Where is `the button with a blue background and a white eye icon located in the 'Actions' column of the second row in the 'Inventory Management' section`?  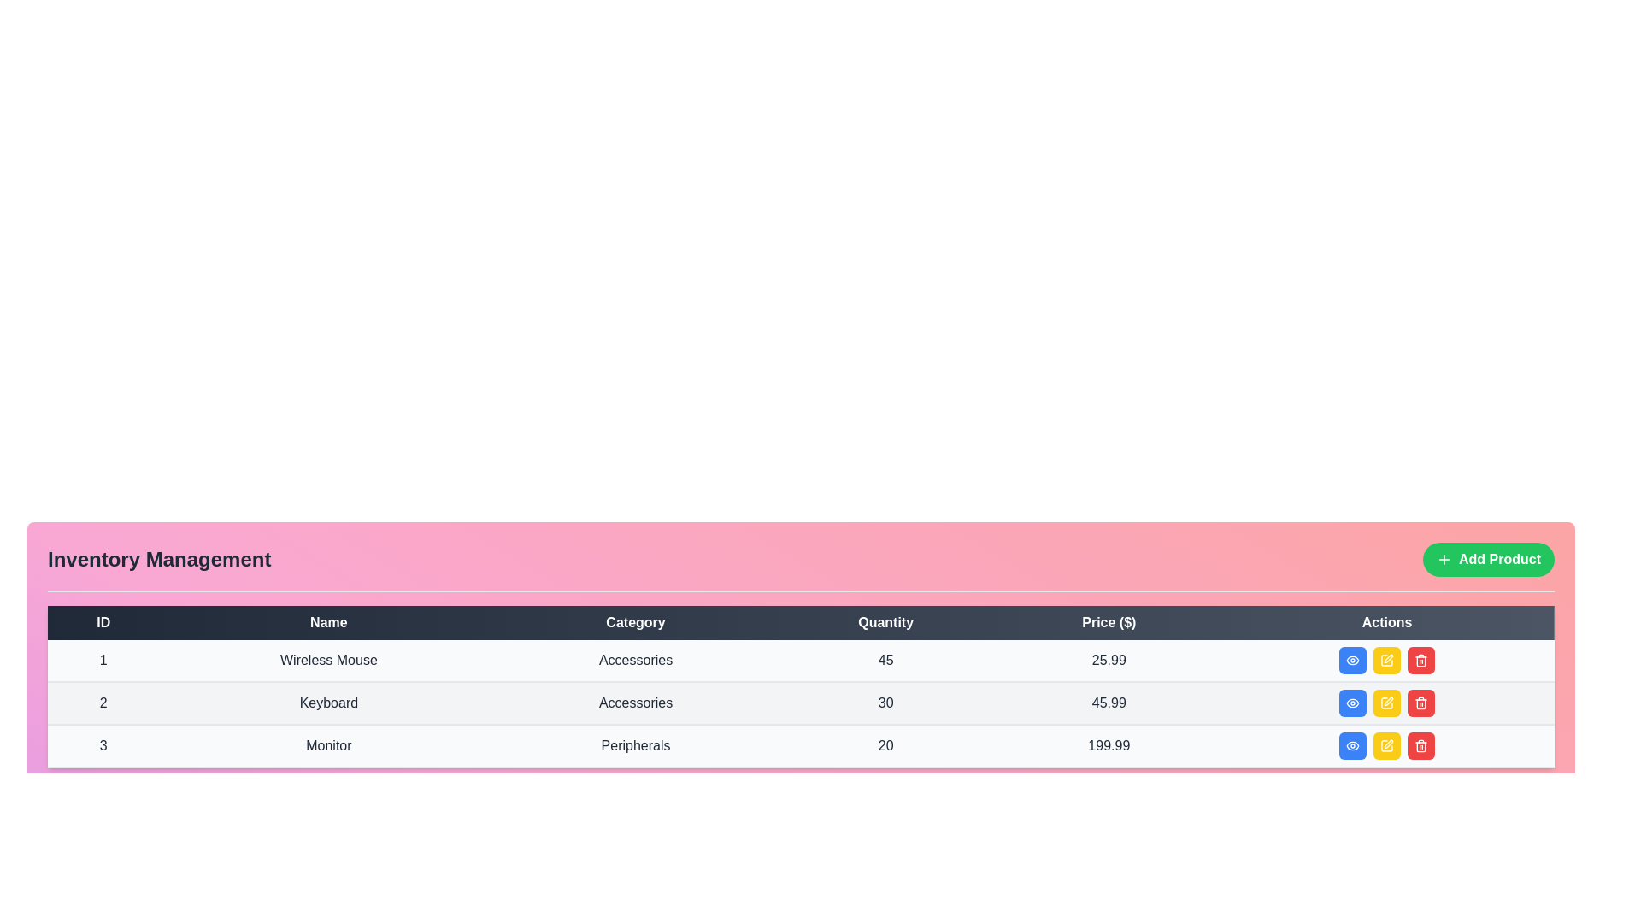 the button with a blue background and a white eye icon located in the 'Actions' column of the second row in the 'Inventory Management' section is located at coordinates (1352, 703).